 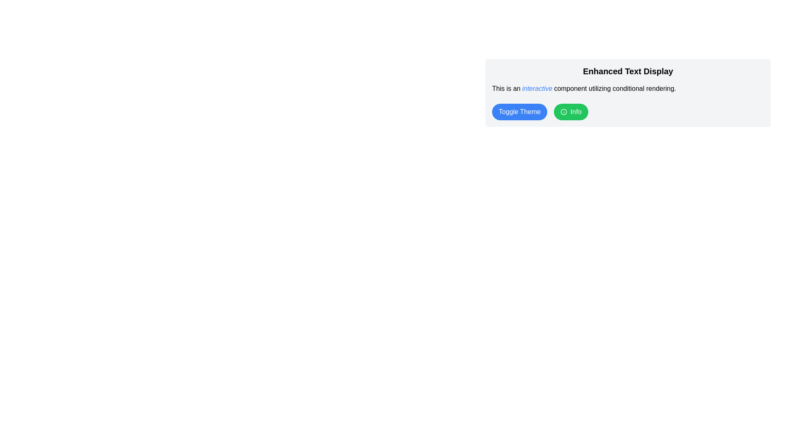 What do you see at coordinates (628, 88) in the screenshot?
I see `the informational text block that communicates details about dynamic conditional rendering, located below the 'Enhanced Text Display' heading` at bounding box center [628, 88].